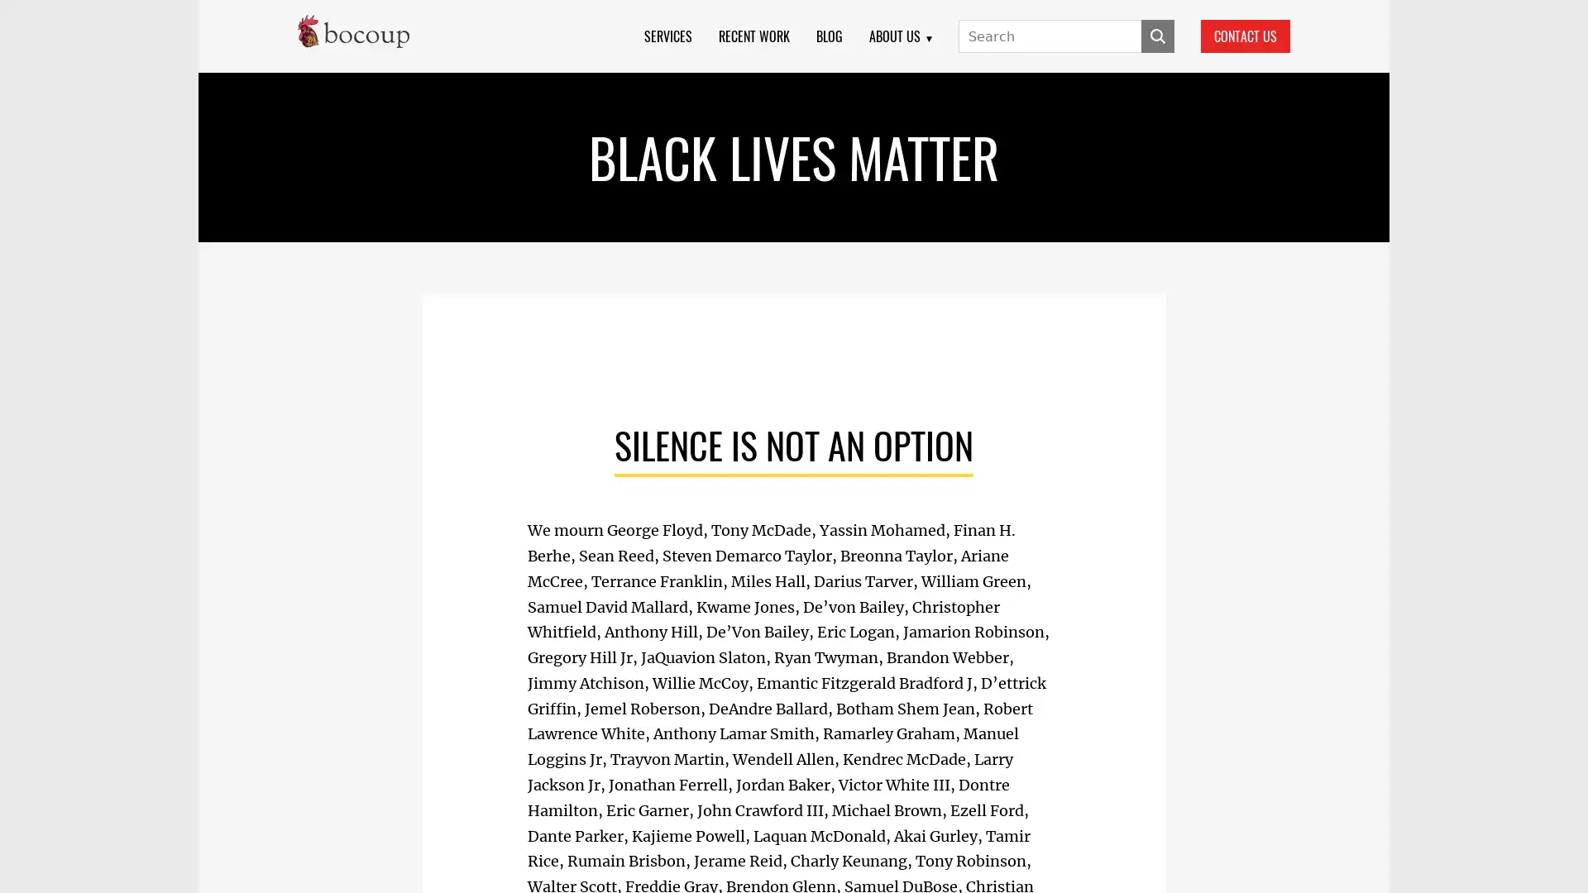 Image resolution: width=1588 pixels, height=893 pixels. What do you see at coordinates (1157, 36) in the screenshot?
I see `SUBMIT` at bounding box center [1157, 36].